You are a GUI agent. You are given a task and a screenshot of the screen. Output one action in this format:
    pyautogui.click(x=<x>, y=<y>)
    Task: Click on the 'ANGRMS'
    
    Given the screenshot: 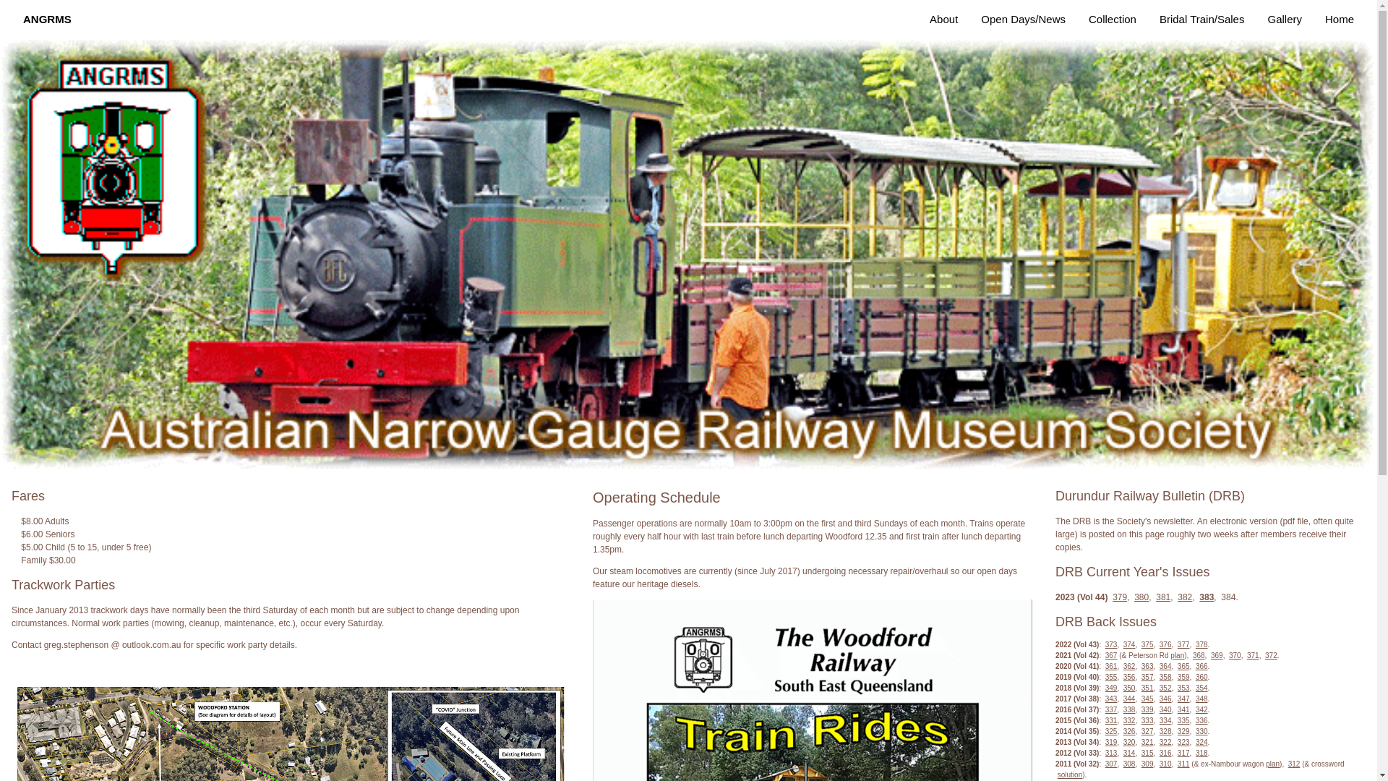 What is the action you would take?
    pyautogui.click(x=47, y=20)
    